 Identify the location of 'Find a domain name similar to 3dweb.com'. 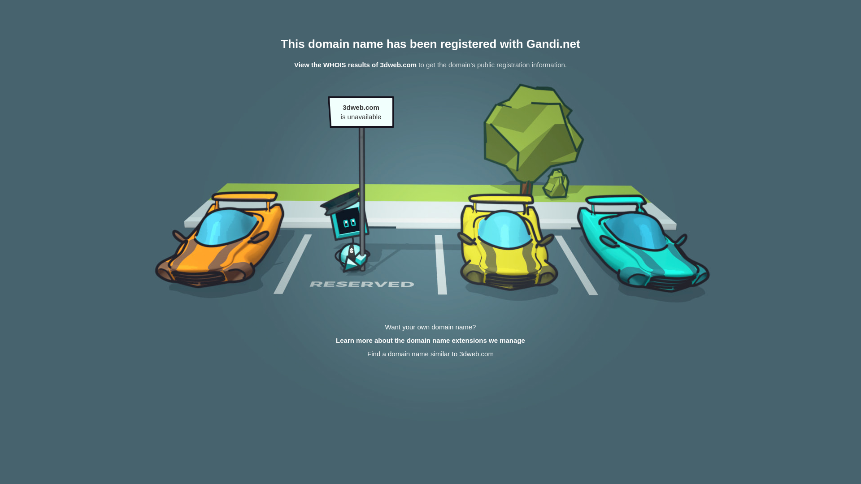
(430, 353).